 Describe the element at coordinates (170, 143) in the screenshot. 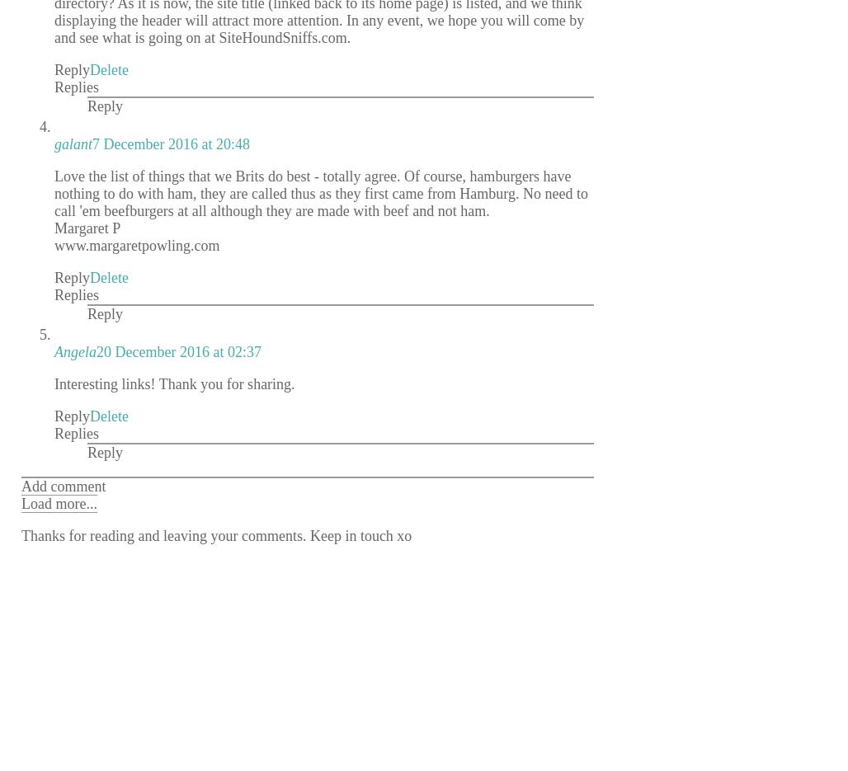

I see `'7 December 2016 at 20:48'` at that location.